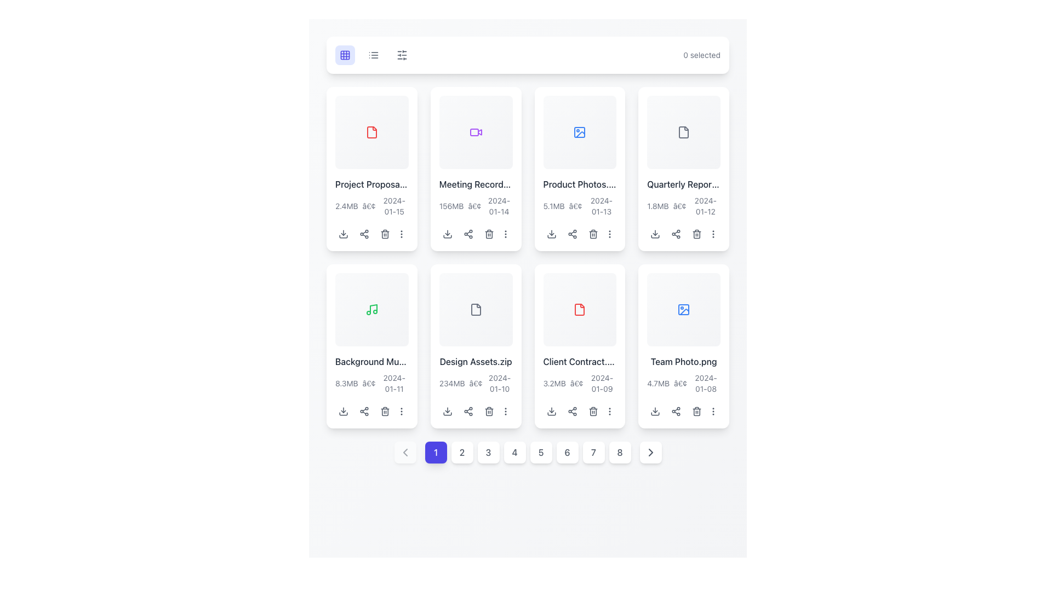  I want to click on the button located to the immediate right of the number 8 button in the pagination controls, so click(650, 452).